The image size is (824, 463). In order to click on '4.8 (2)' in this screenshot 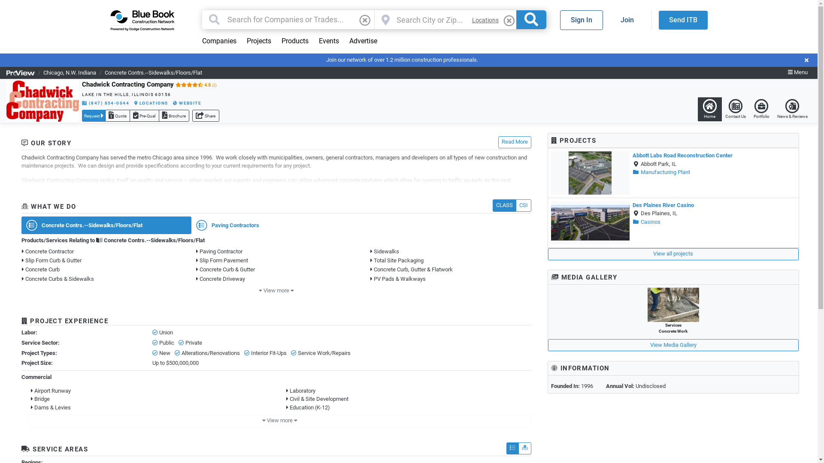, I will do `click(195, 84)`.